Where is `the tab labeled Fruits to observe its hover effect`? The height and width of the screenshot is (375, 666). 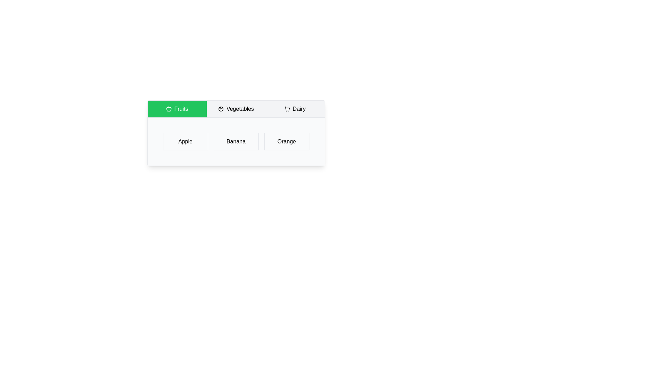 the tab labeled Fruits to observe its hover effect is located at coordinates (177, 109).